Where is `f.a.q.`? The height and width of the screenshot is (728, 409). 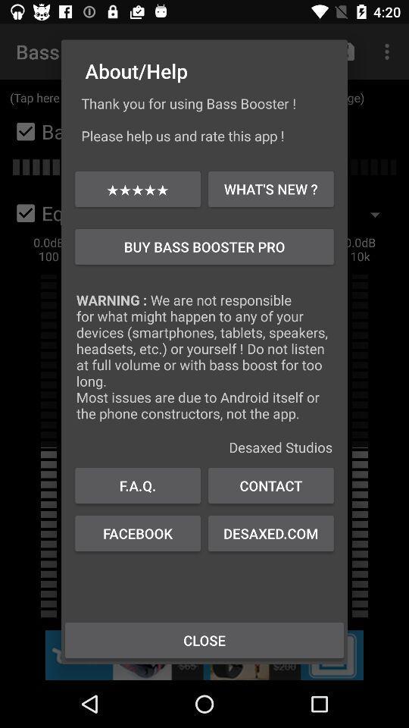 f.a.q. is located at coordinates (138, 485).